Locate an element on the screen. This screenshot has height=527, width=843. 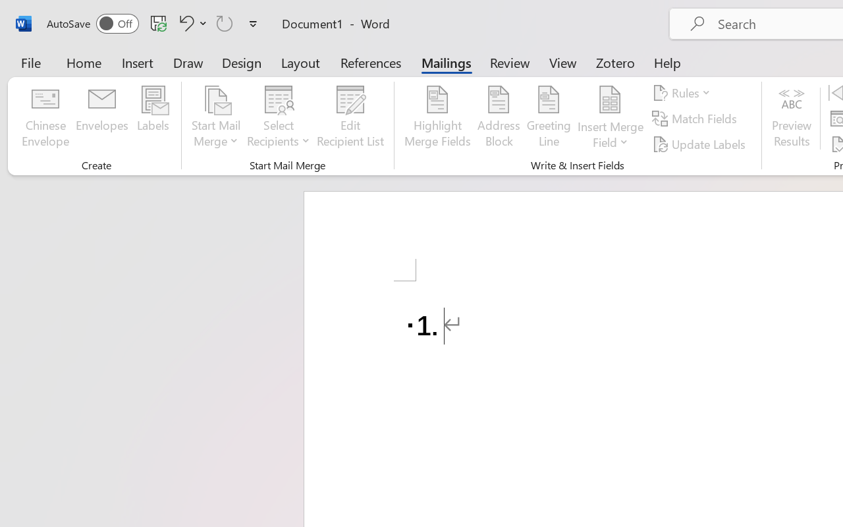
'Rules' is located at coordinates (684, 93).